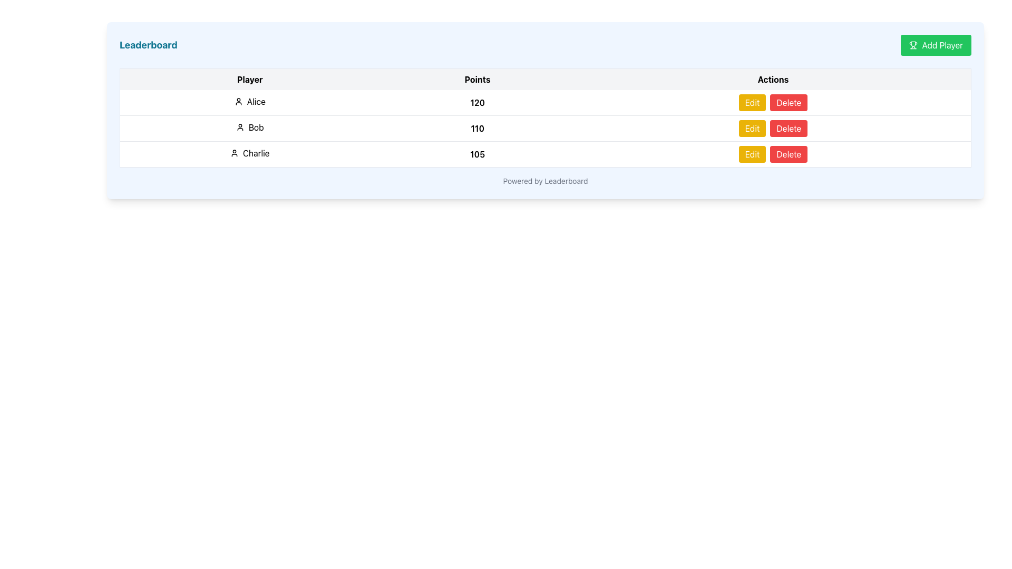 The image size is (1012, 569). Describe the element at coordinates (249, 101) in the screenshot. I see `the player name 'Alice' in the first row of the 'Player' column in the leaderboard table` at that location.